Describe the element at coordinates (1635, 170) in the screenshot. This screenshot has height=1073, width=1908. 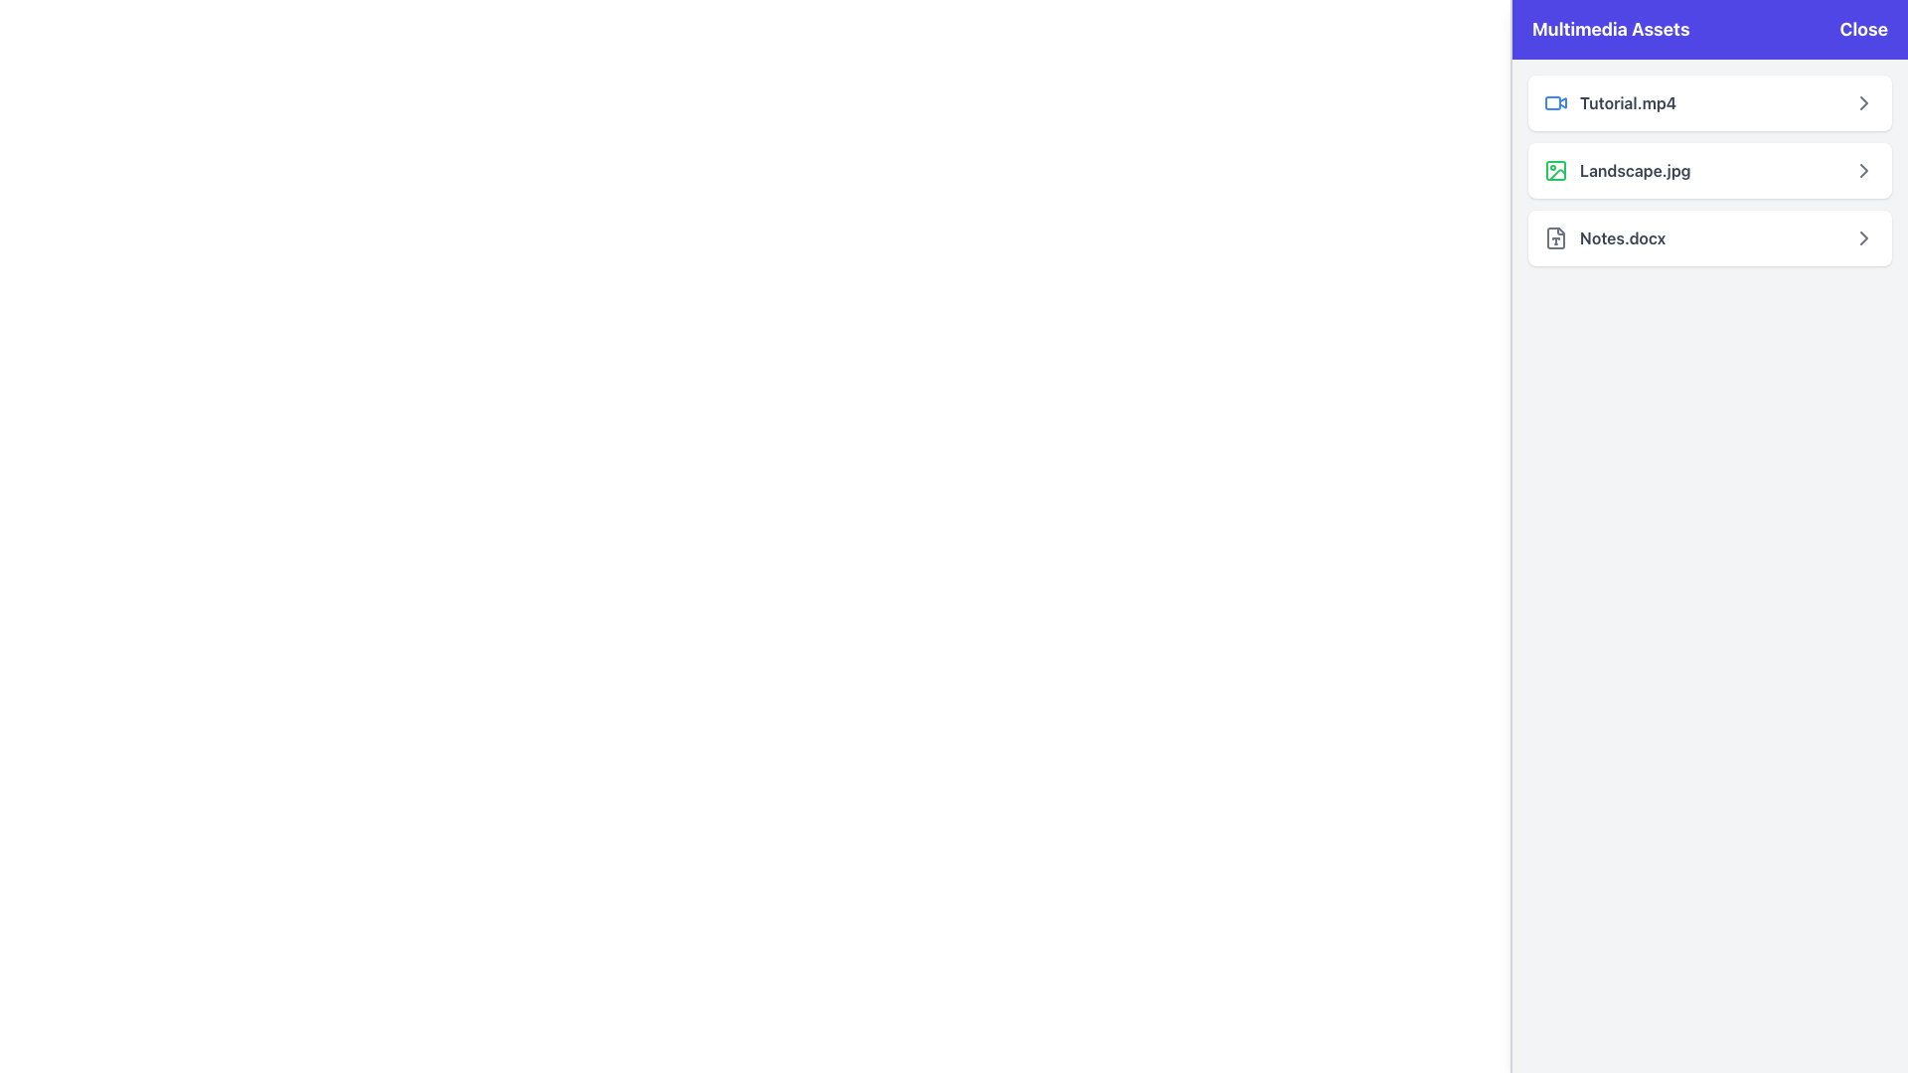
I see `the text label displaying 'Landscape.jpg'` at that location.